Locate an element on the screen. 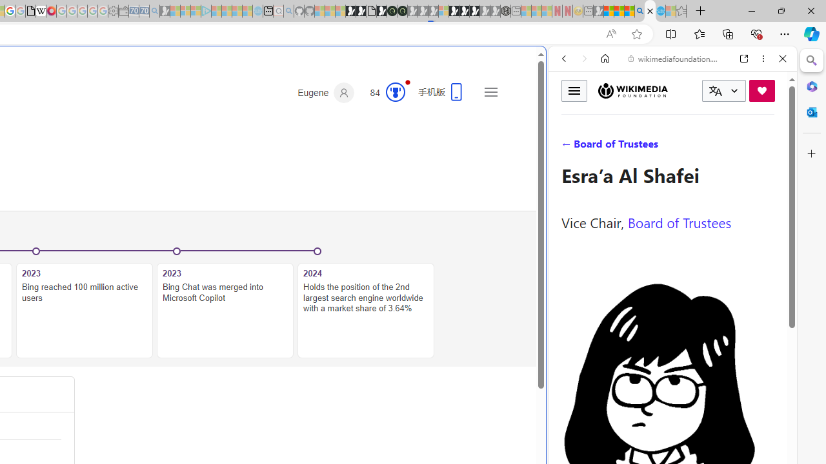  'Search Filter, WEB' is located at coordinates (569, 146).